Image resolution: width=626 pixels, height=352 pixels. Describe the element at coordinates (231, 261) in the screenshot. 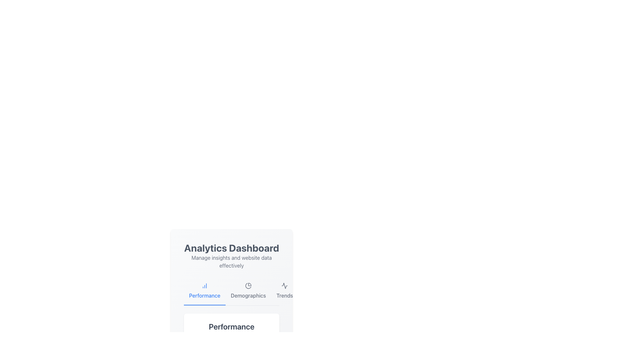

I see `muted gray text block that conveys the message 'Manage insights and website data effectively,' located beneath the 'Analytics Dashboard' header` at that location.